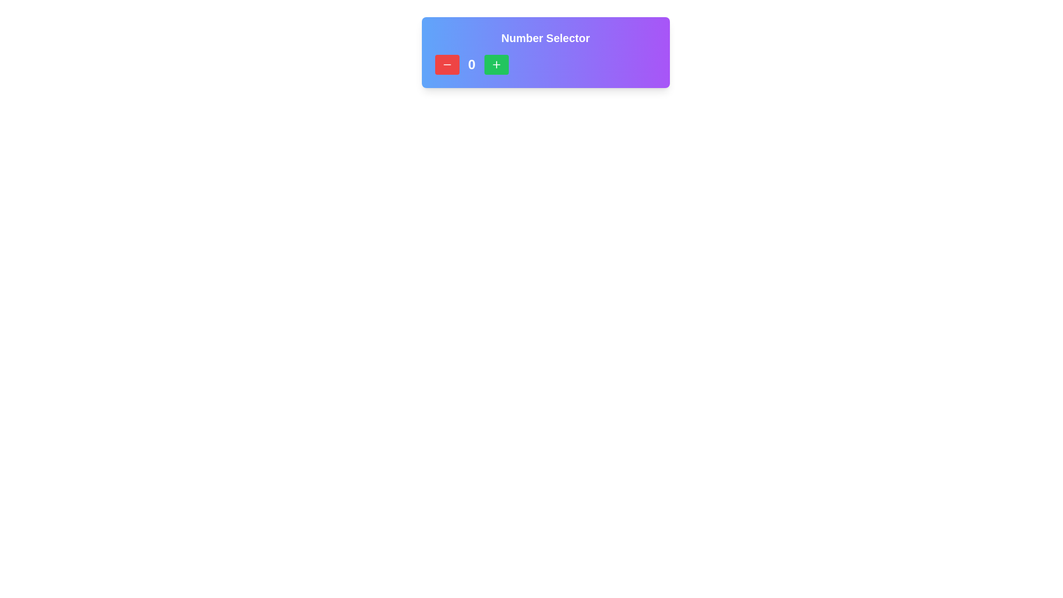  What do you see at coordinates (545, 64) in the screenshot?
I see `the Text display element that shows the current numeric value in the 'Number Selector' card, located between the red minus button and the green plus button` at bounding box center [545, 64].